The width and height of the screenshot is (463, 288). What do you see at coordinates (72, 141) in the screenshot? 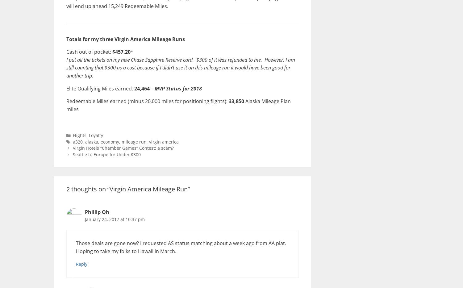
I see `'a320'` at bounding box center [72, 141].